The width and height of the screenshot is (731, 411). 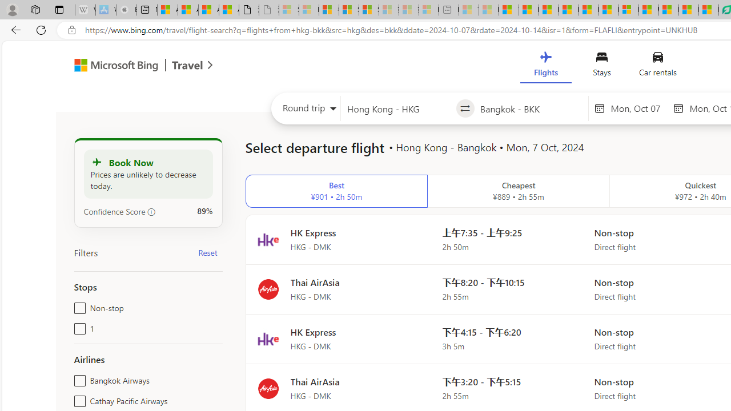 I want to click on 'Flight logo', so click(x=267, y=388).